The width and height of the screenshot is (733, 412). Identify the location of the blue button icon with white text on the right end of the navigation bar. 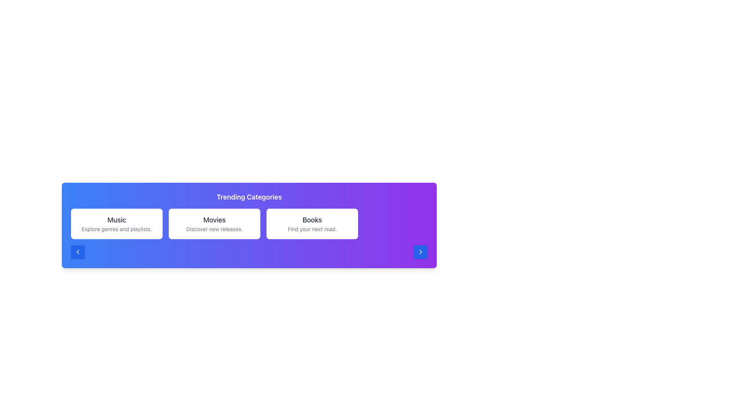
(420, 252).